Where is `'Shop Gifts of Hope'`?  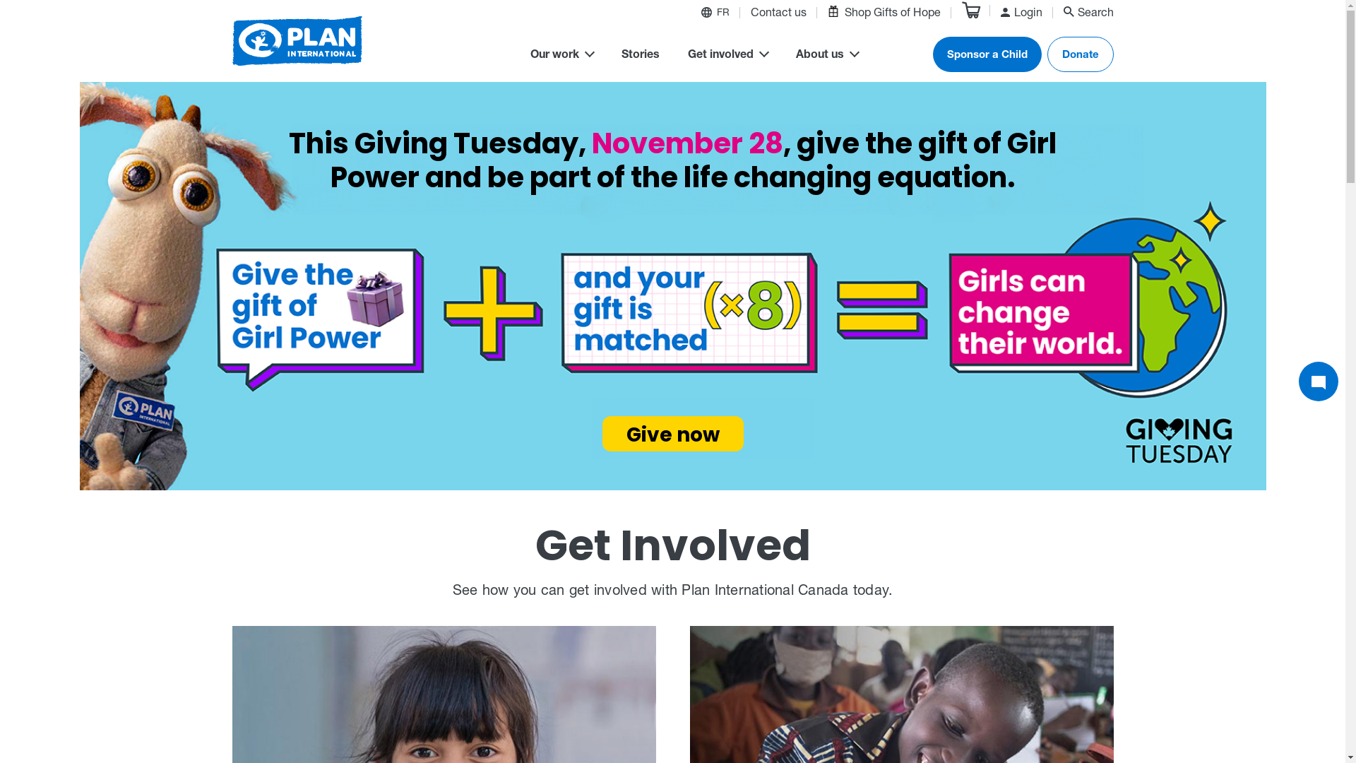
'Shop Gifts of Hope' is located at coordinates (884, 13).